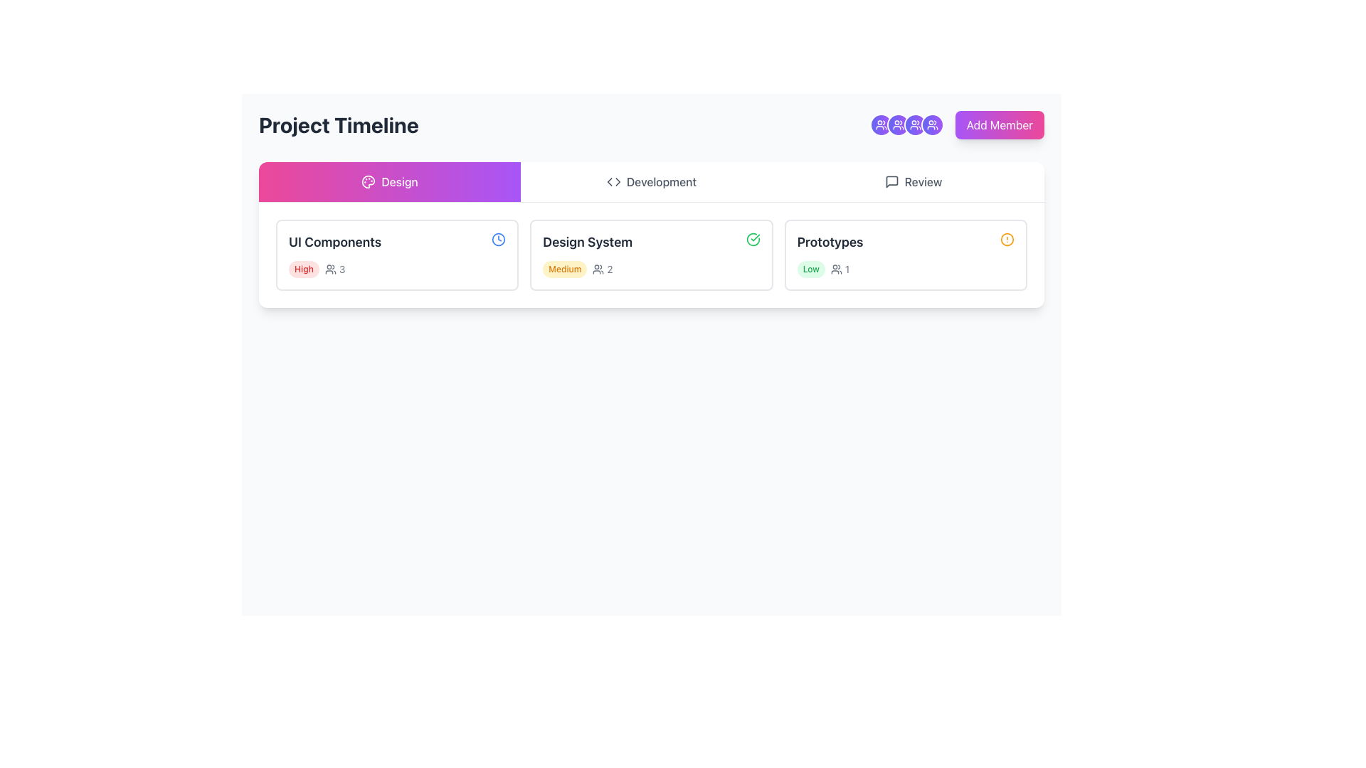 Image resolution: width=1366 pixels, height=768 pixels. Describe the element at coordinates (915, 124) in the screenshot. I see `the fourth circular user icon from the left, styled with a gradient from indigo to purple and a white border, located near the top-right side of the interface` at that location.